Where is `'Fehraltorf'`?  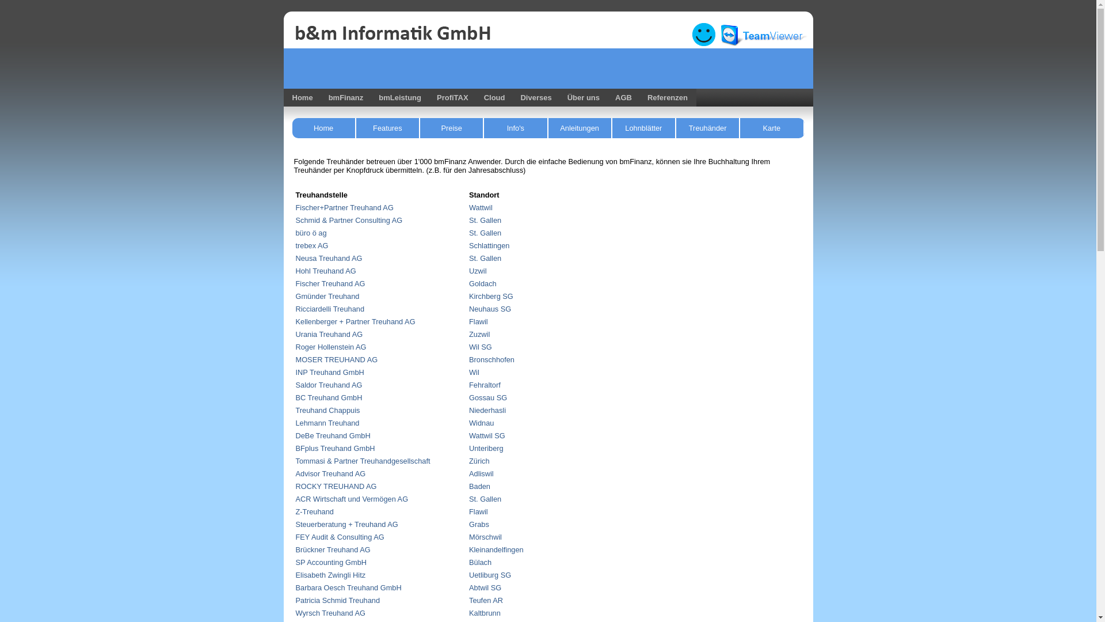 'Fehraltorf' is located at coordinates (469, 385).